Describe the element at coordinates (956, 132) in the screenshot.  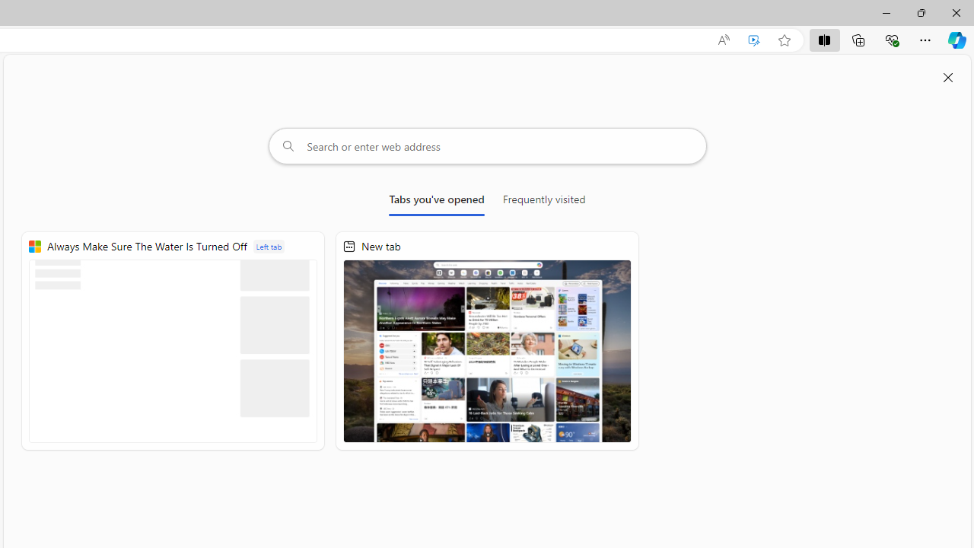
I see `'Outlook'` at that location.